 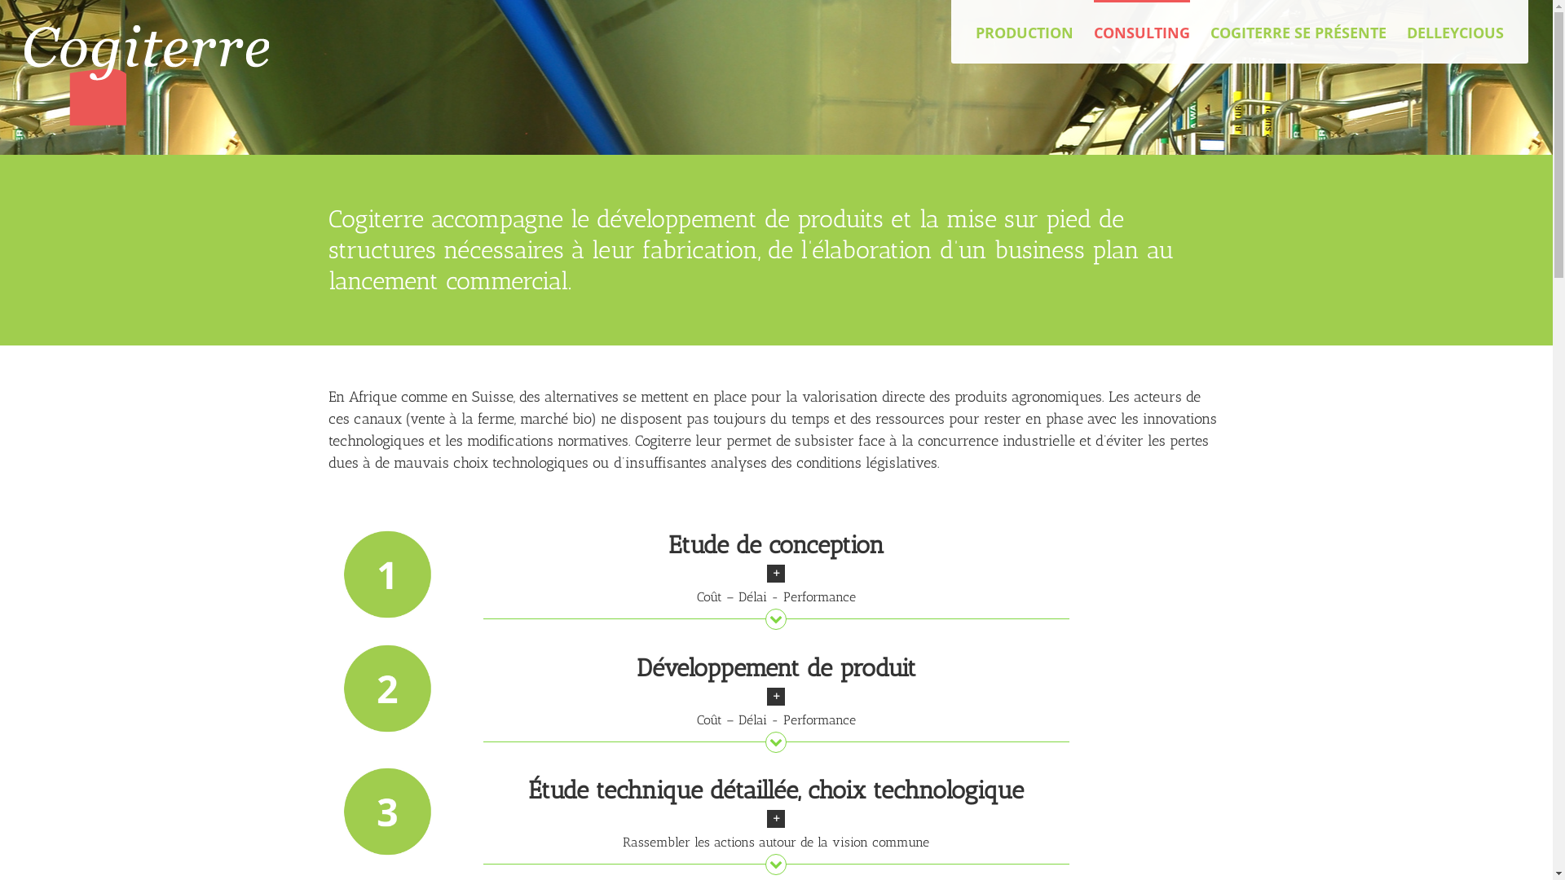 What do you see at coordinates (1024, 31) in the screenshot?
I see `'PRODUCTION'` at bounding box center [1024, 31].